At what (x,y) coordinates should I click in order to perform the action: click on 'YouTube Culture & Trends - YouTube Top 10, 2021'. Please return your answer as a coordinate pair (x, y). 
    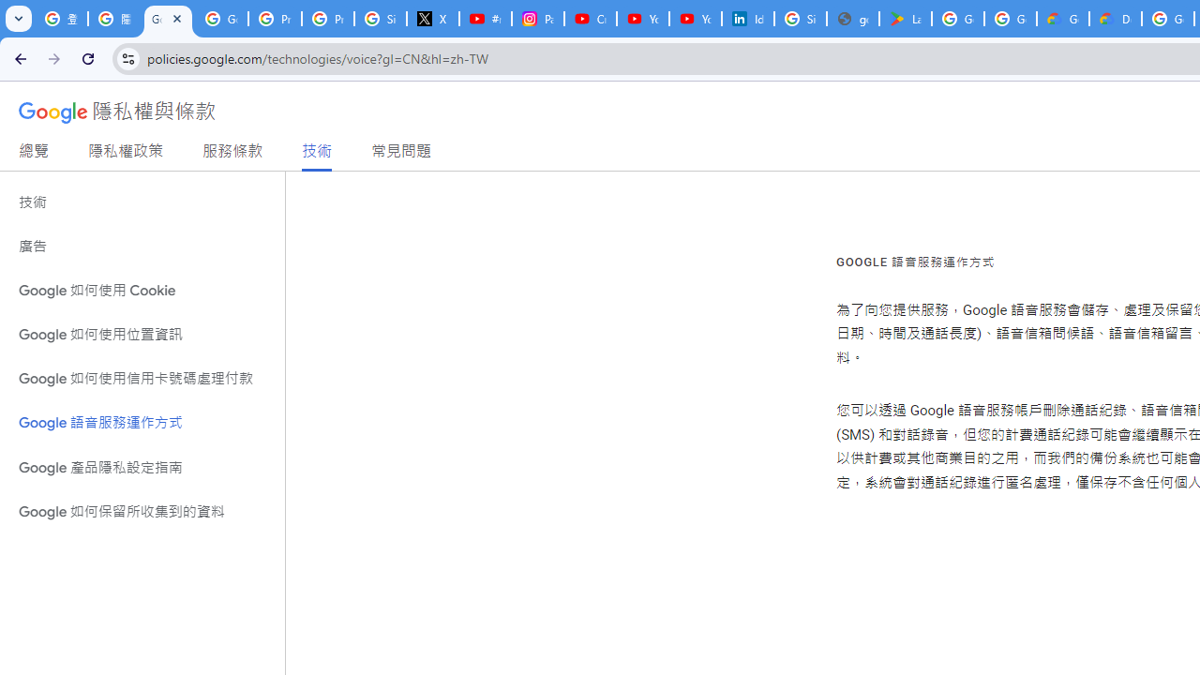
    Looking at the image, I should click on (695, 19).